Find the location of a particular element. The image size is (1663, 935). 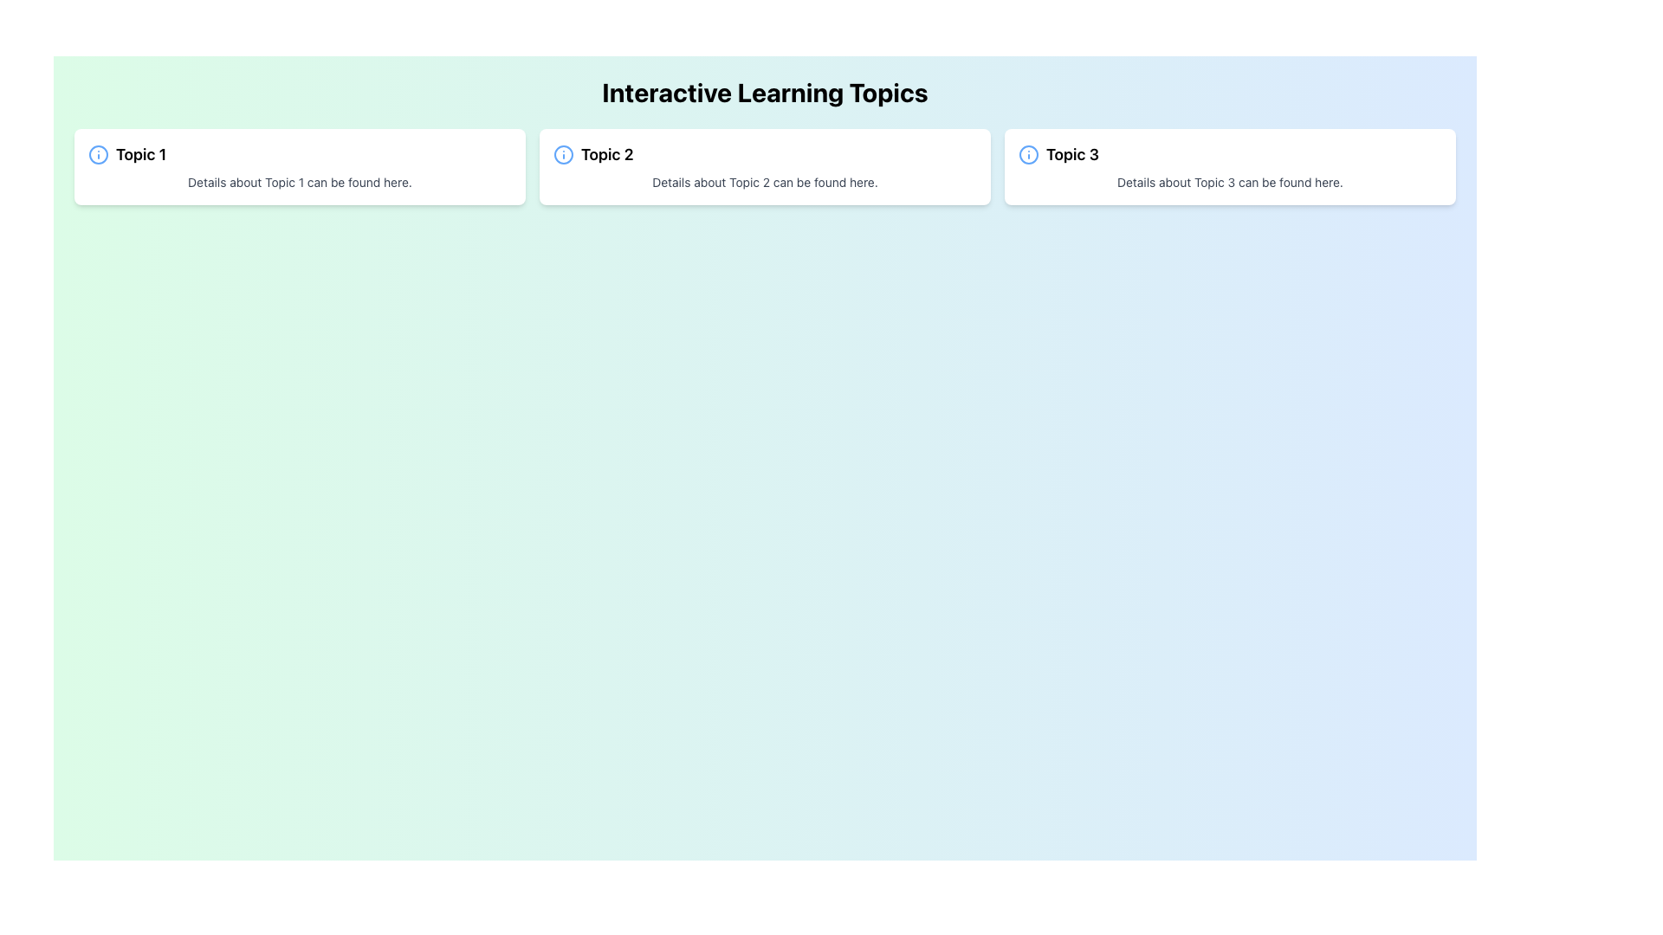

the text label located directly below 'Topic 1' in the first card from the left is located at coordinates (300, 183).